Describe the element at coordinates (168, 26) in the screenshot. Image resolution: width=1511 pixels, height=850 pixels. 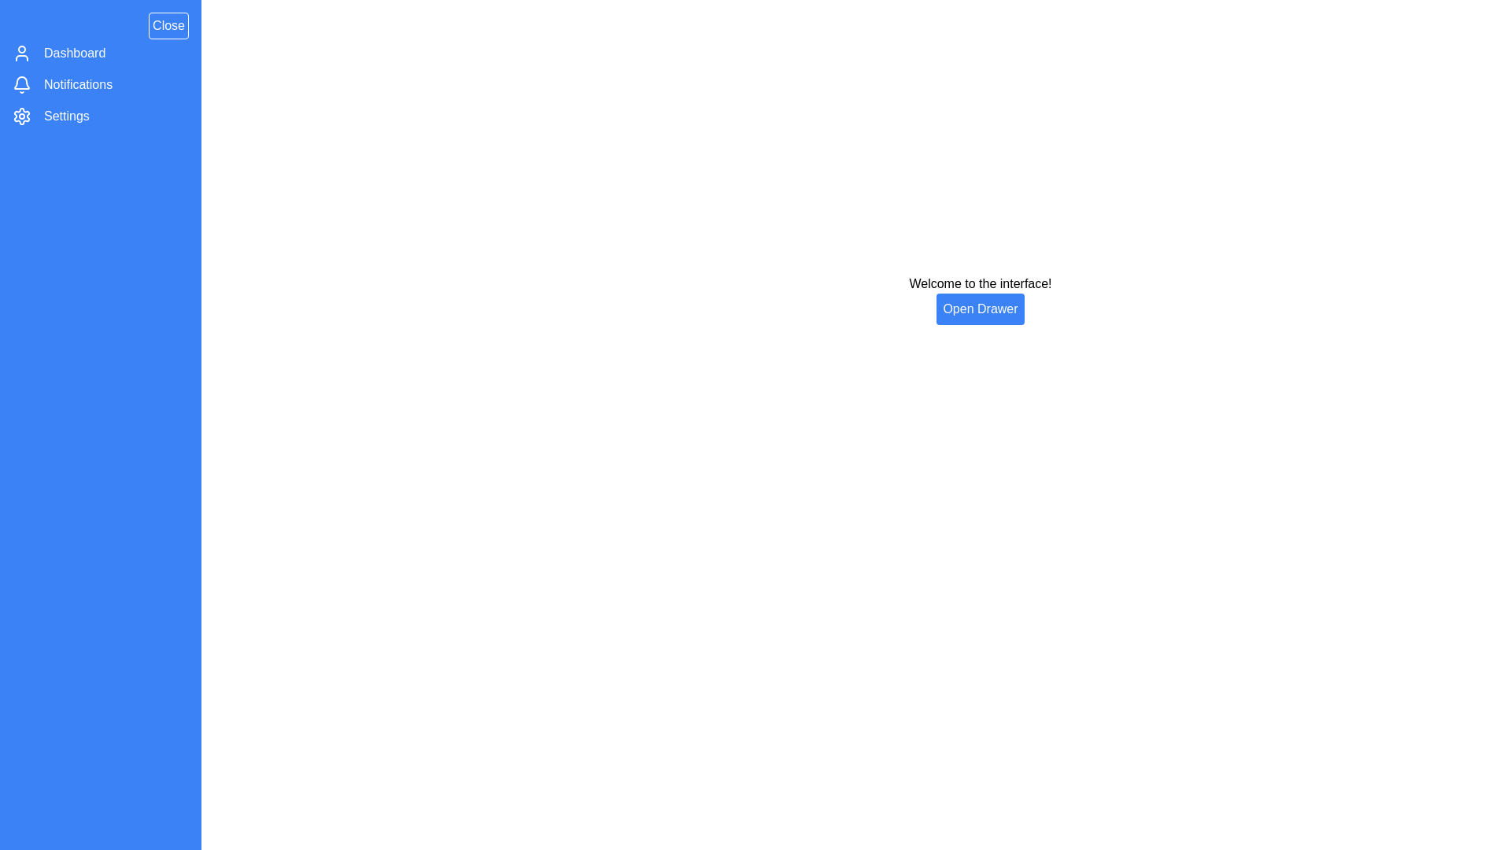
I see `'Close' button to toggle the drawer visibility` at that location.